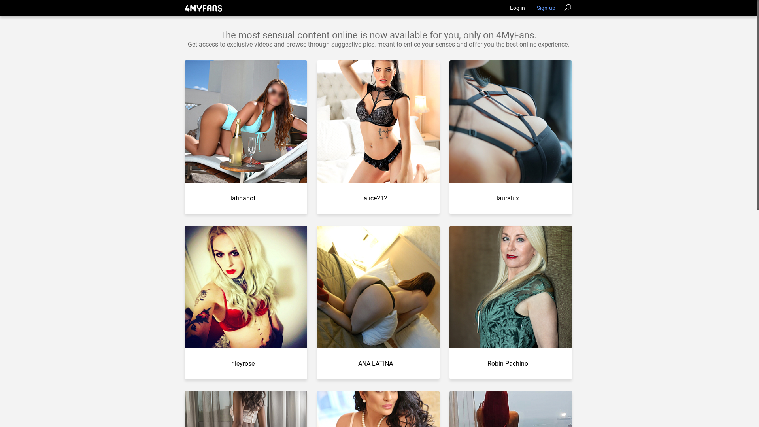  What do you see at coordinates (517, 8) in the screenshot?
I see `'Log in'` at bounding box center [517, 8].